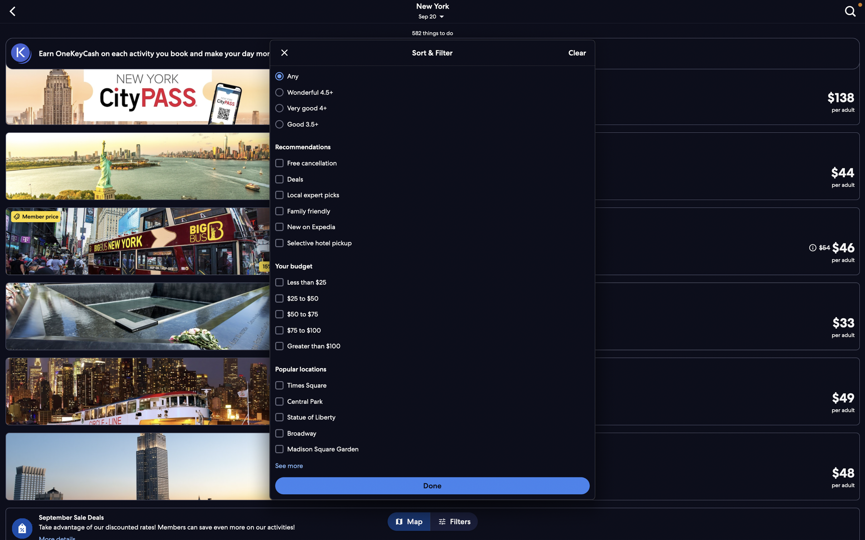 This screenshot has height=540, width=865. What do you see at coordinates (433, 385) in the screenshot?
I see `Obtain the places located near the "Times Square"` at bounding box center [433, 385].